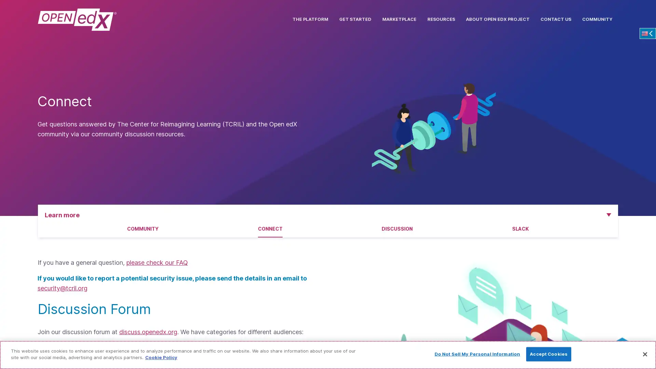  I want to click on Do Not Sell My Personal Information, so click(477, 354).